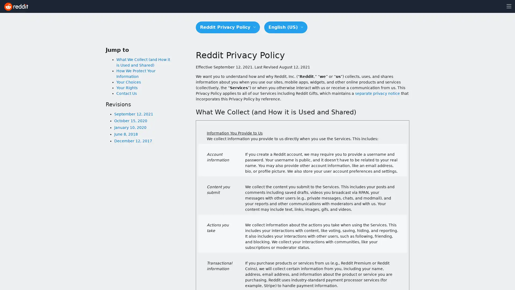 The image size is (515, 290). What do you see at coordinates (228, 27) in the screenshot?
I see `Reddit Privacy Policy` at bounding box center [228, 27].